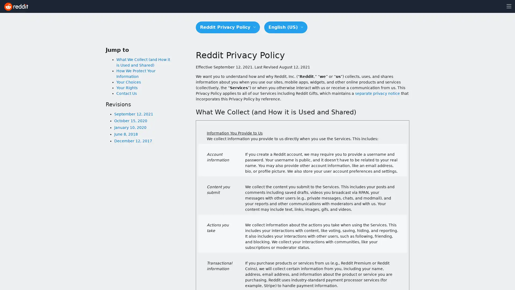 The image size is (515, 290). What do you see at coordinates (228, 27) in the screenshot?
I see `Reddit Privacy Policy` at bounding box center [228, 27].